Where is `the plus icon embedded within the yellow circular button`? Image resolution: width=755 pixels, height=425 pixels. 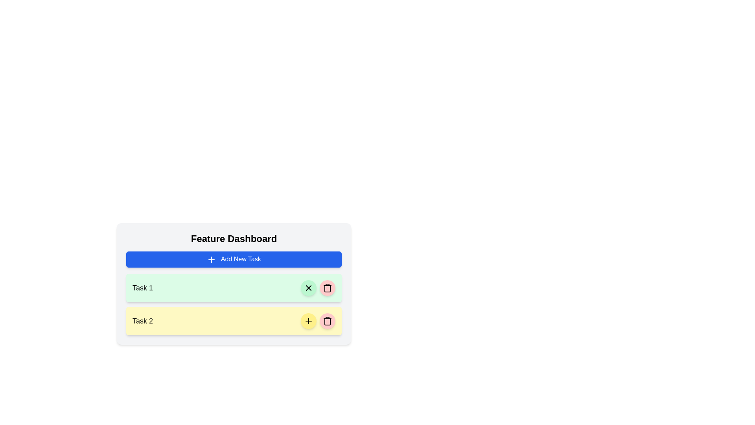 the plus icon embedded within the yellow circular button is located at coordinates (308, 320).